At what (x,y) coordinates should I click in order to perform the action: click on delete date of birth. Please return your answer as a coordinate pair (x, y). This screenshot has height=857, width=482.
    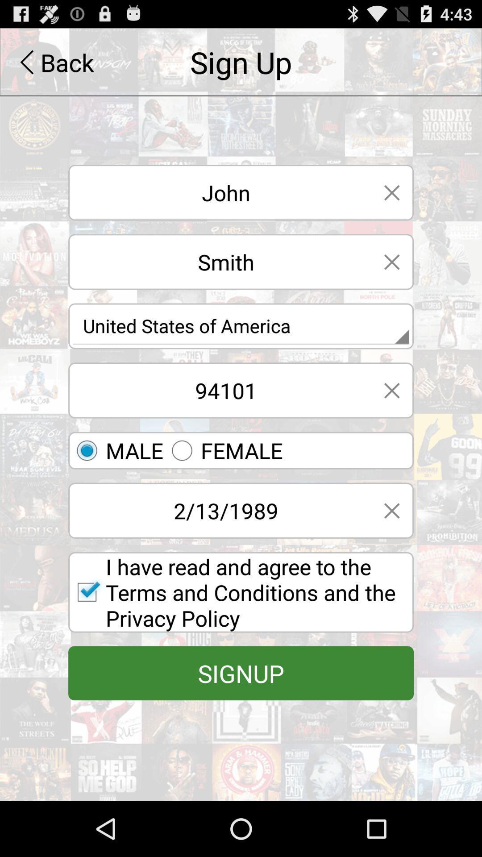
    Looking at the image, I should click on (391, 511).